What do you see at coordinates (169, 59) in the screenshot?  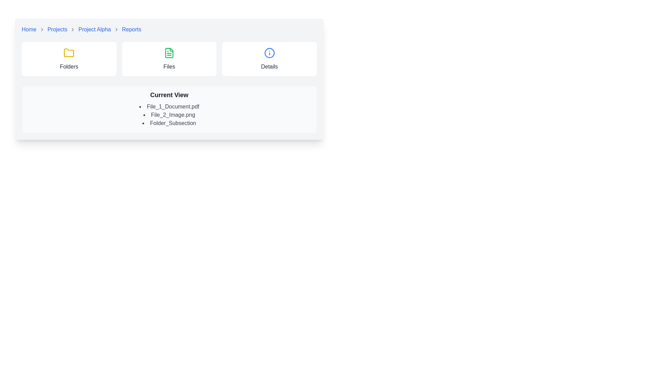 I see `the 'Files' interactive card, which is the second card in a three-card grid row` at bounding box center [169, 59].